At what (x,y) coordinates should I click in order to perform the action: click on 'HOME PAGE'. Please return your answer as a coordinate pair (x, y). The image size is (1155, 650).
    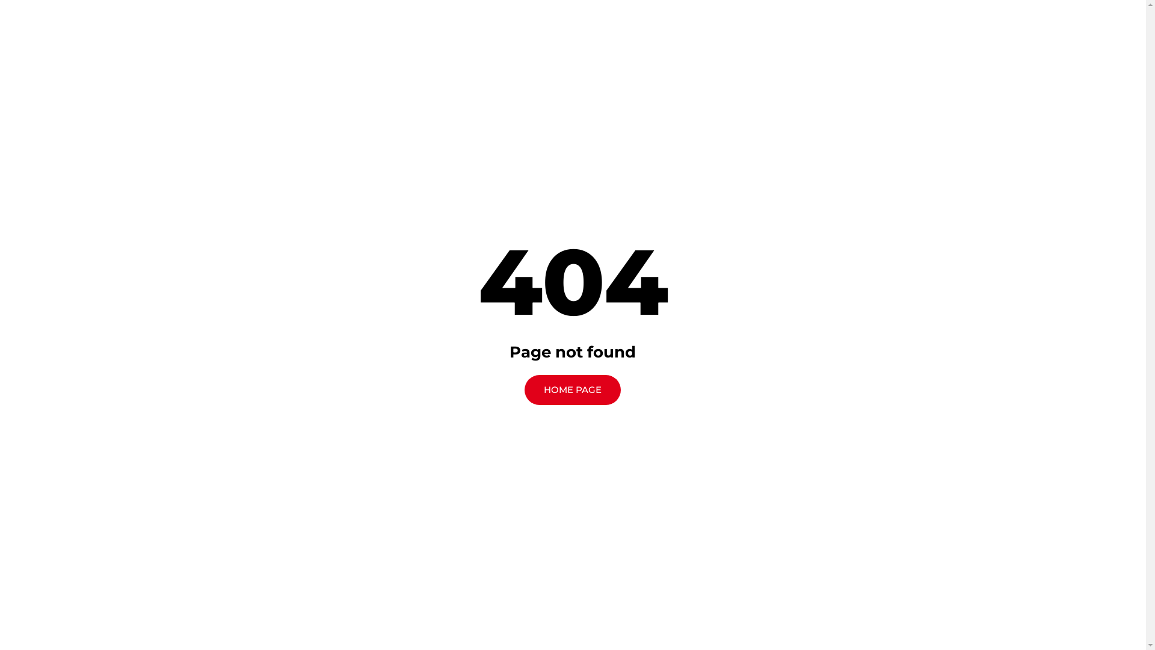
    Looking at the image, I should click on (571, 390).